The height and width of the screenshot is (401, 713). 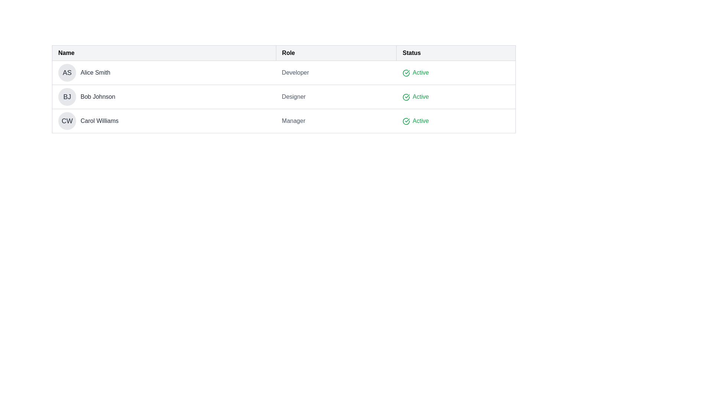 I want to click on the circular badge containing the initials 'BJ' which represents 'Bob Johnson', located in the second row of the table under the 'Name' column, so click(x=67, y=97).